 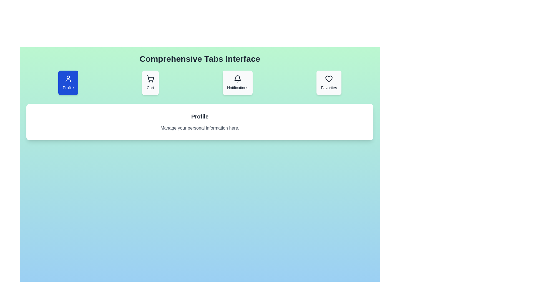 What do you see at coordinates (238, 83) in the screenshot?
I see `the 'Notifications' button, which is the third element in a row of four buttons, featuring a notification icon and the label 'Notifications' below it` at bounding box center [238, 83].